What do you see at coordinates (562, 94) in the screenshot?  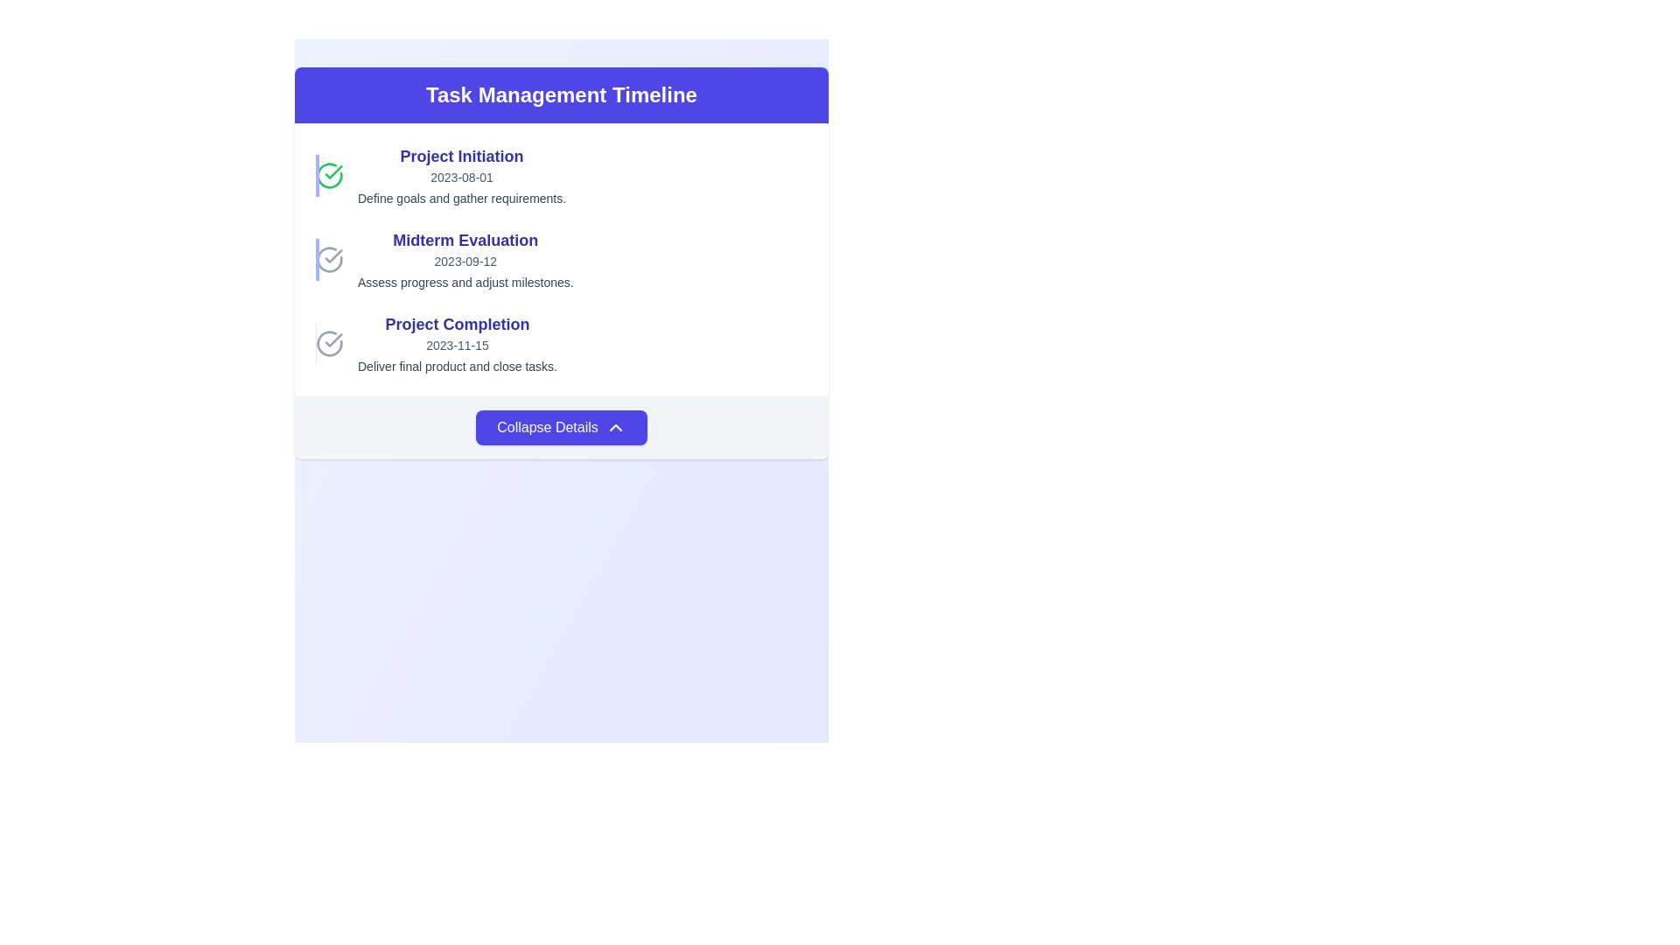 I see `the Text display header with the centered text 'Task Management Timeline' that has a vibrant indigo background and is styled with rounded top corners` at bounding box center [562, 94].